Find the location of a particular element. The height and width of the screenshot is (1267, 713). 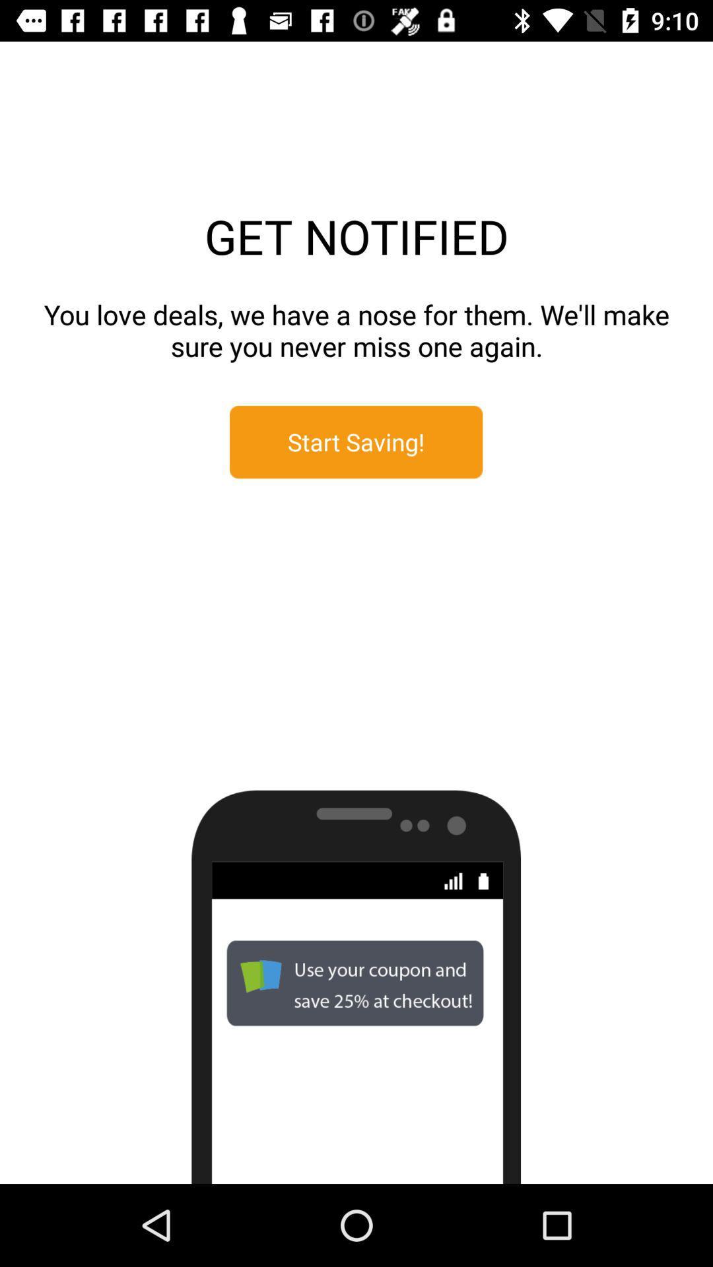

icon at the center is located at coordinates (355, 442).